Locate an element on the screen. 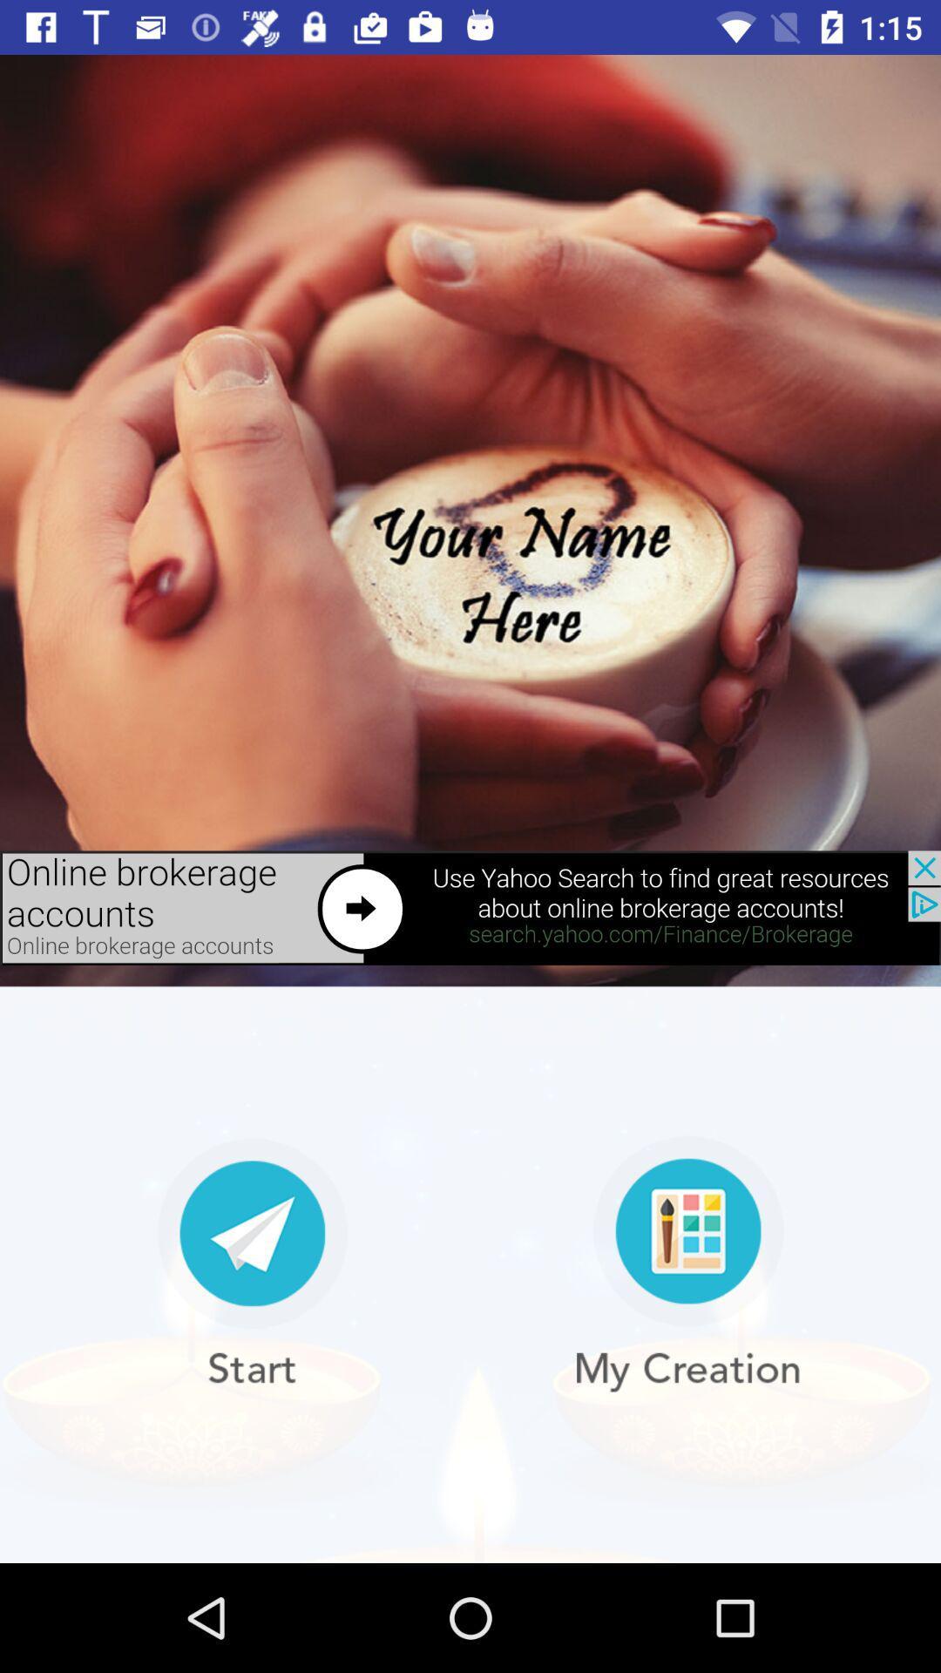 This screenshot has width=941, height=1673. start button is located at coordinates (252, 1263).